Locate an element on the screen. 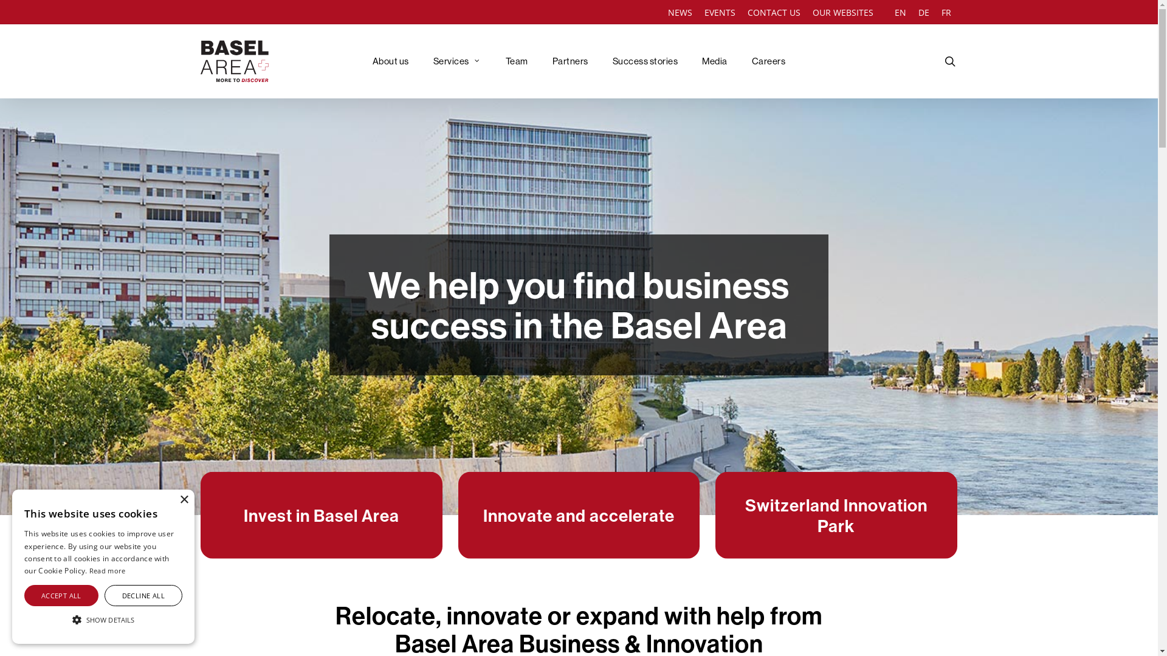 The image size is (1167, 656). 'CONTACT US' is located at coordinates (773, 12).